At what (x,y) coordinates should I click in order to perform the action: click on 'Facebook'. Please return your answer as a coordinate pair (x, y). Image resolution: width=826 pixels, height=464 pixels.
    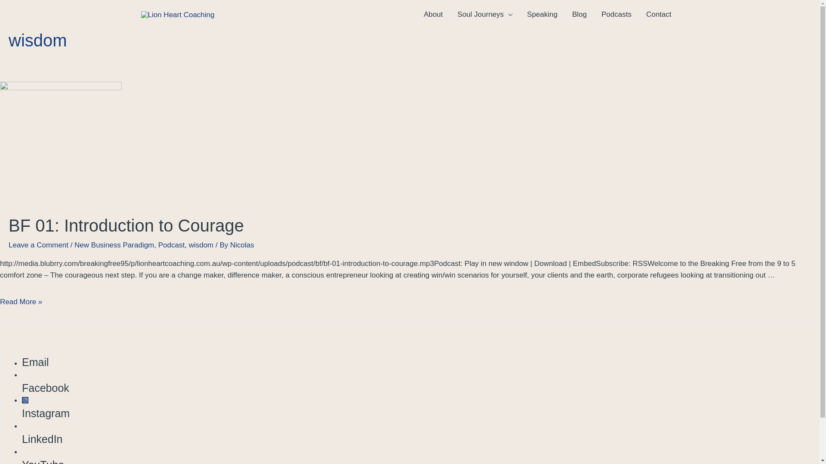
    Looking at the image, I should click on (421, 382).